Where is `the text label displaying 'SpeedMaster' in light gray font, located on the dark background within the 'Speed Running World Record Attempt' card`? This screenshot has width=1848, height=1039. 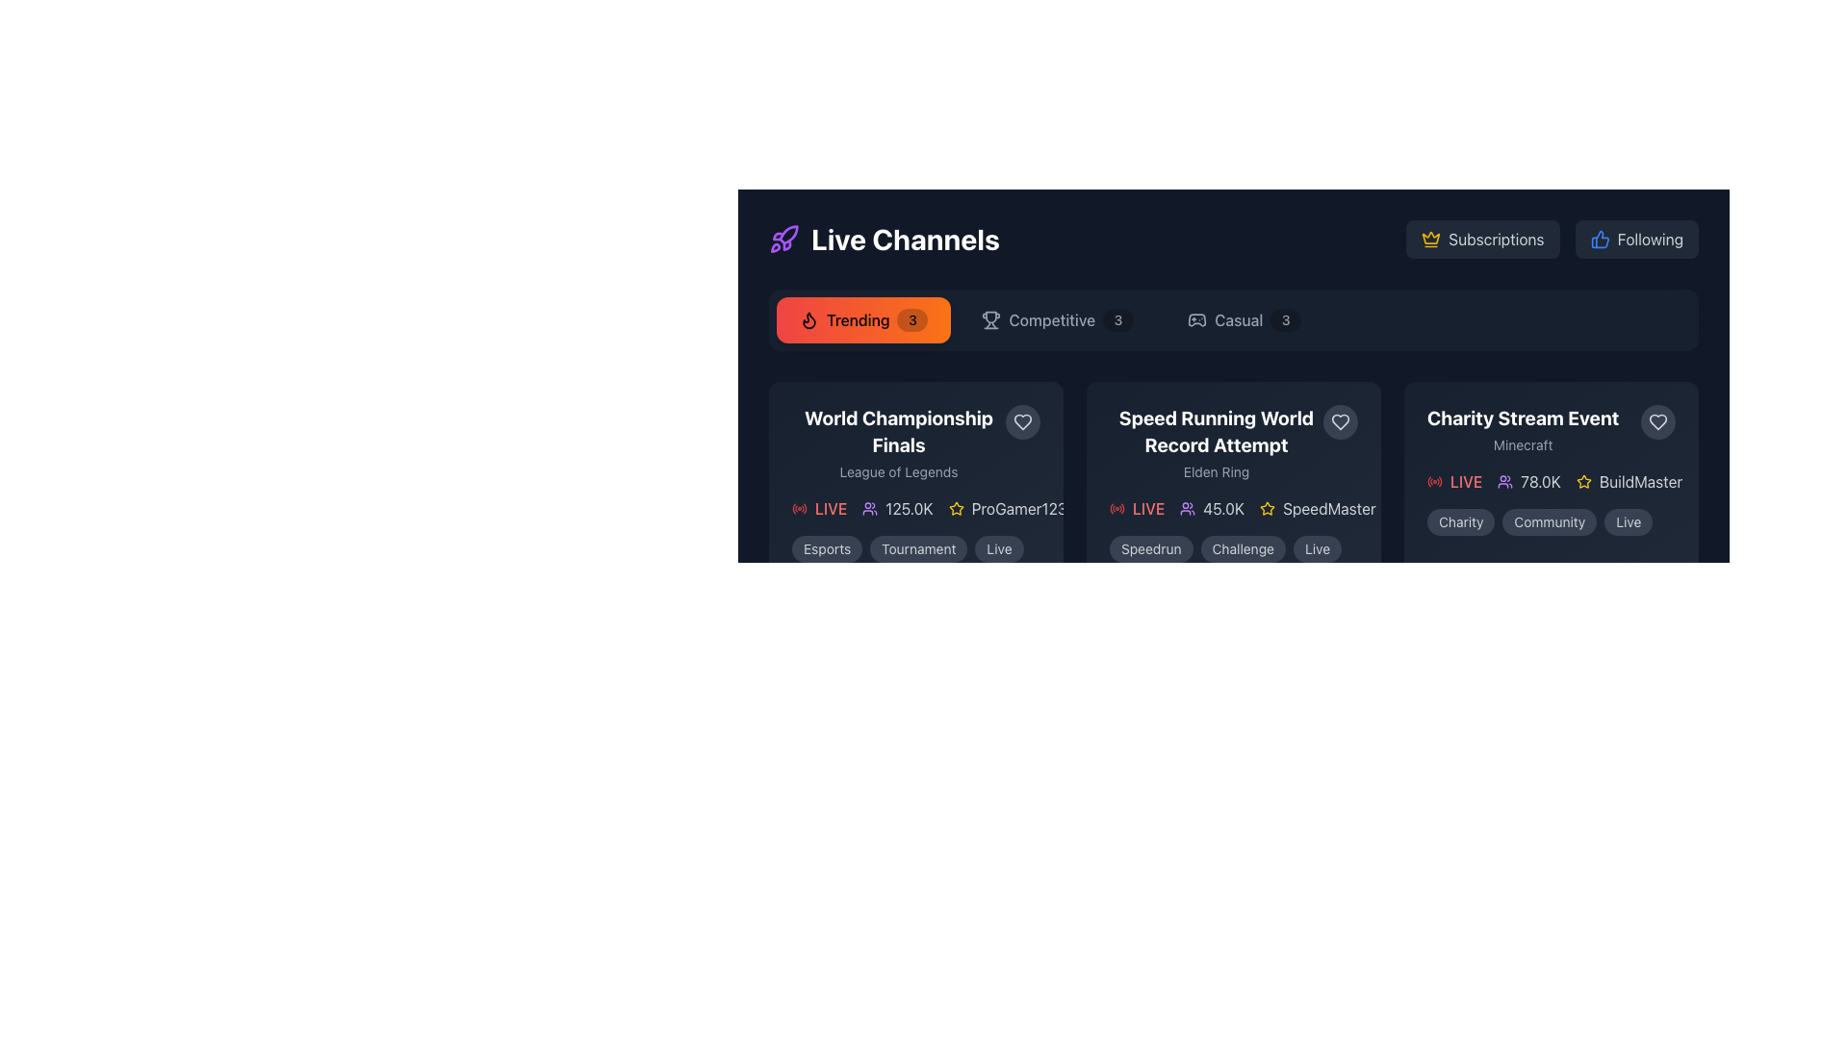
the text label displaying 'SpeedMaster' in light gray font, located on the dark background within the 'Speed Running World Record Attempt' card is located at coordinates (1328, 507).